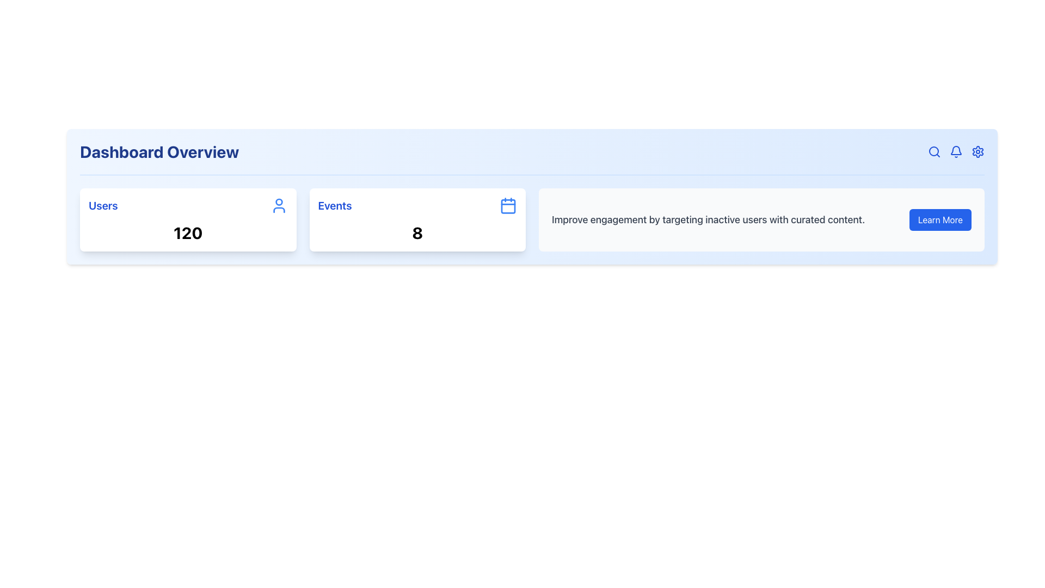 Image resolution: width=1045 pixels, height=588 pixels. Describe the element at coordinates (159, 151) in the screenshot. I see `text of the section header labeled 'Dashboard Overview' located at the upper-left side of the interface` at that location.